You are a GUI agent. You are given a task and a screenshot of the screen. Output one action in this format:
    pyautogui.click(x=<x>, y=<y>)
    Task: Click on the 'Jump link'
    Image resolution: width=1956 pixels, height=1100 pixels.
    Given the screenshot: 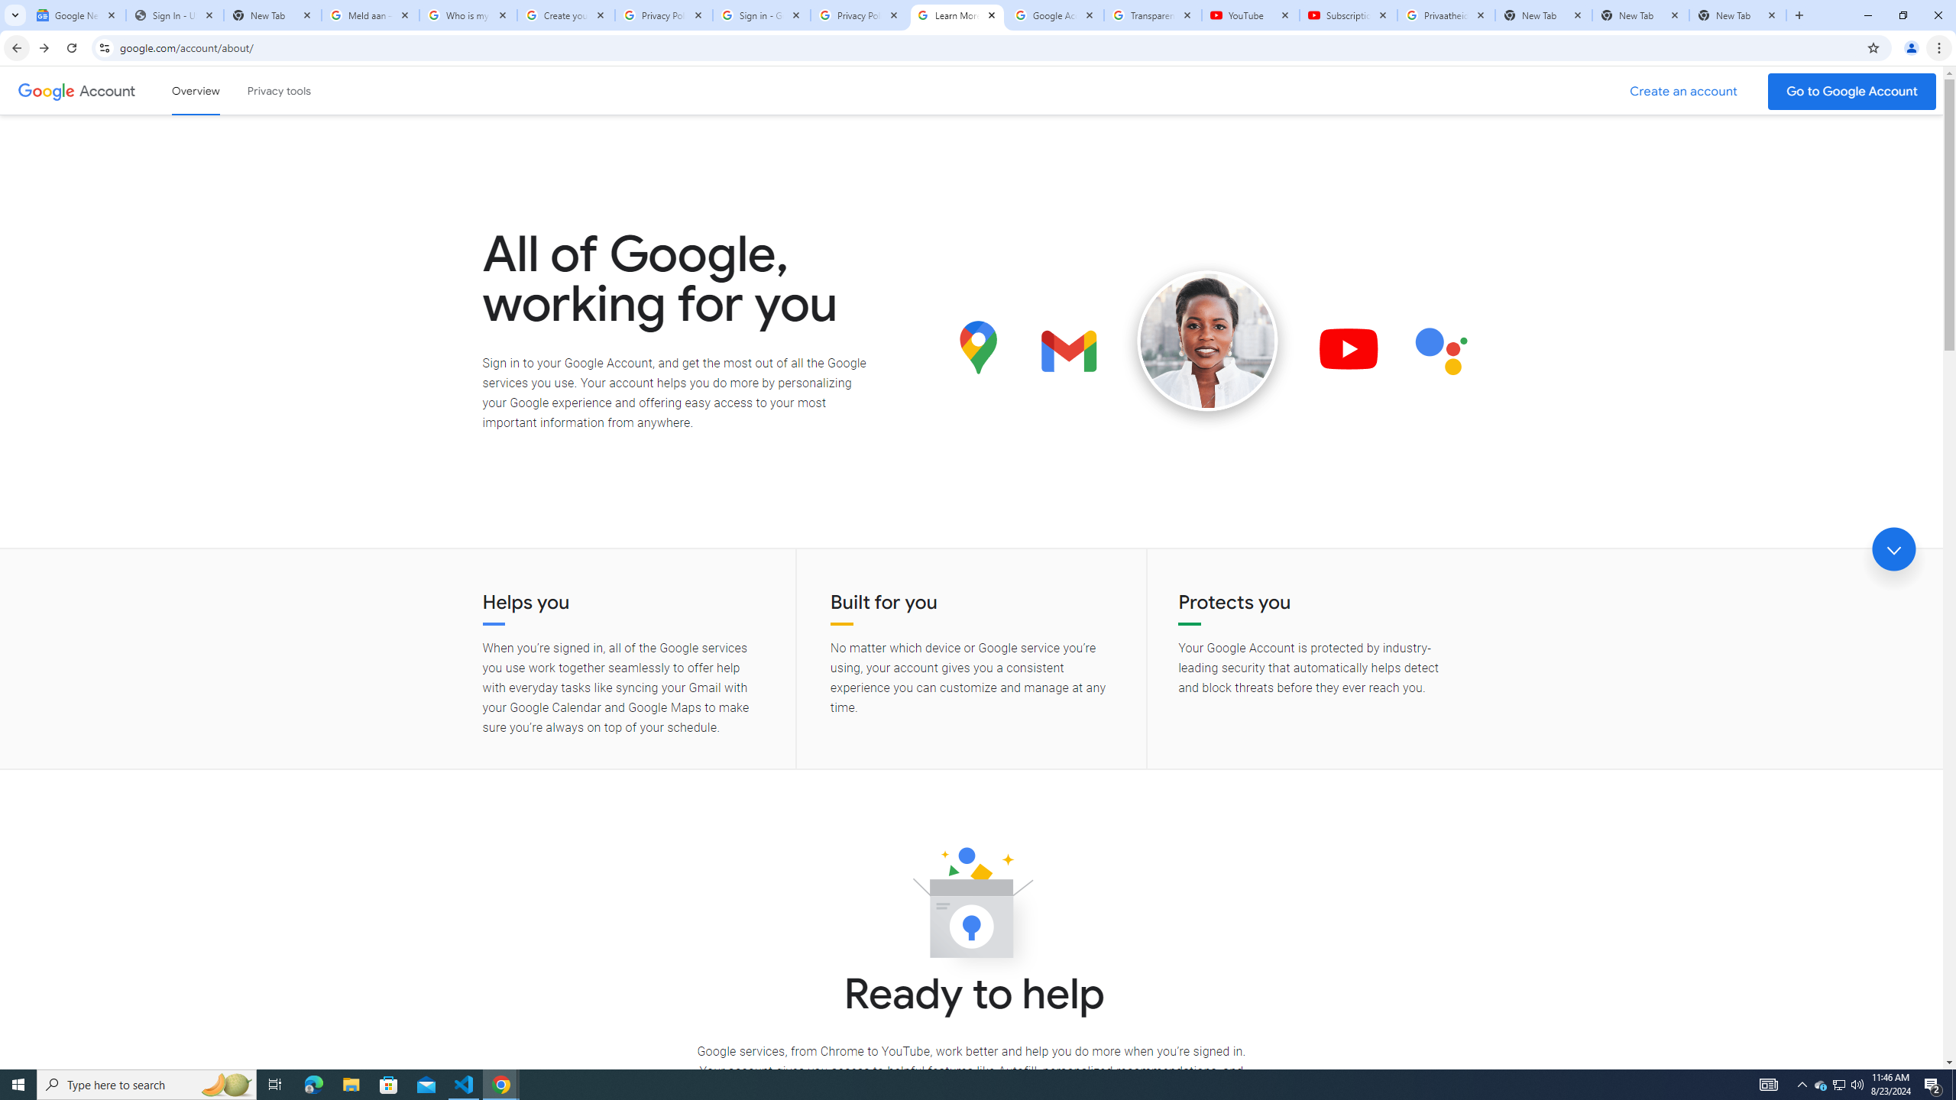 What is the action you would take?
    pyautogui.click(x=1893, y=549)
    